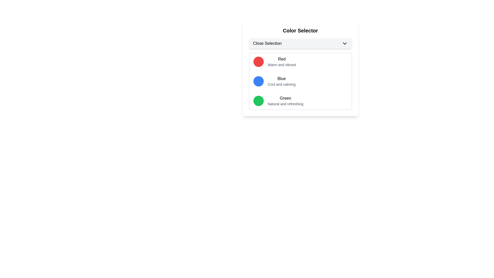  I want to click on the descriptive text element that provides information about the color 'Blue', located below the 'Blue' label in the 'Color Selector' panel, so click(281, 84).